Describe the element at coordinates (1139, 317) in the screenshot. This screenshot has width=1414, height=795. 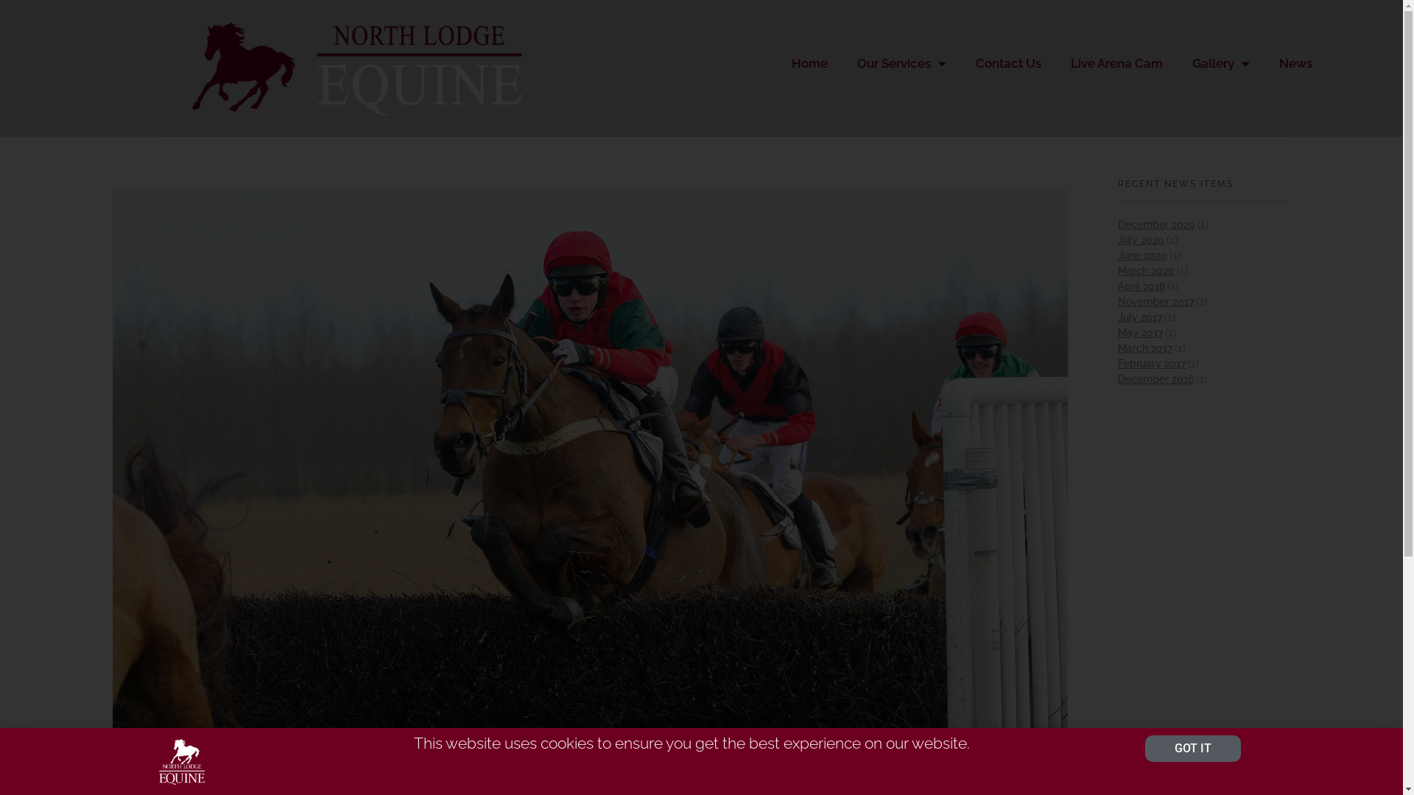
I see `'July 2017'` at that location.